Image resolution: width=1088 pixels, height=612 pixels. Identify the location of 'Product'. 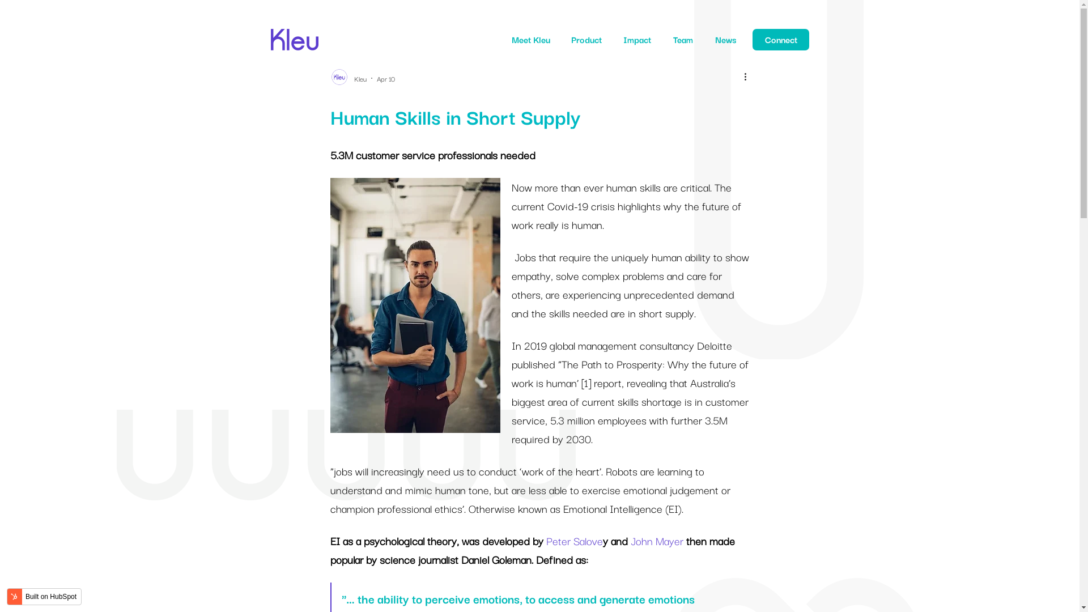
(586, 39).